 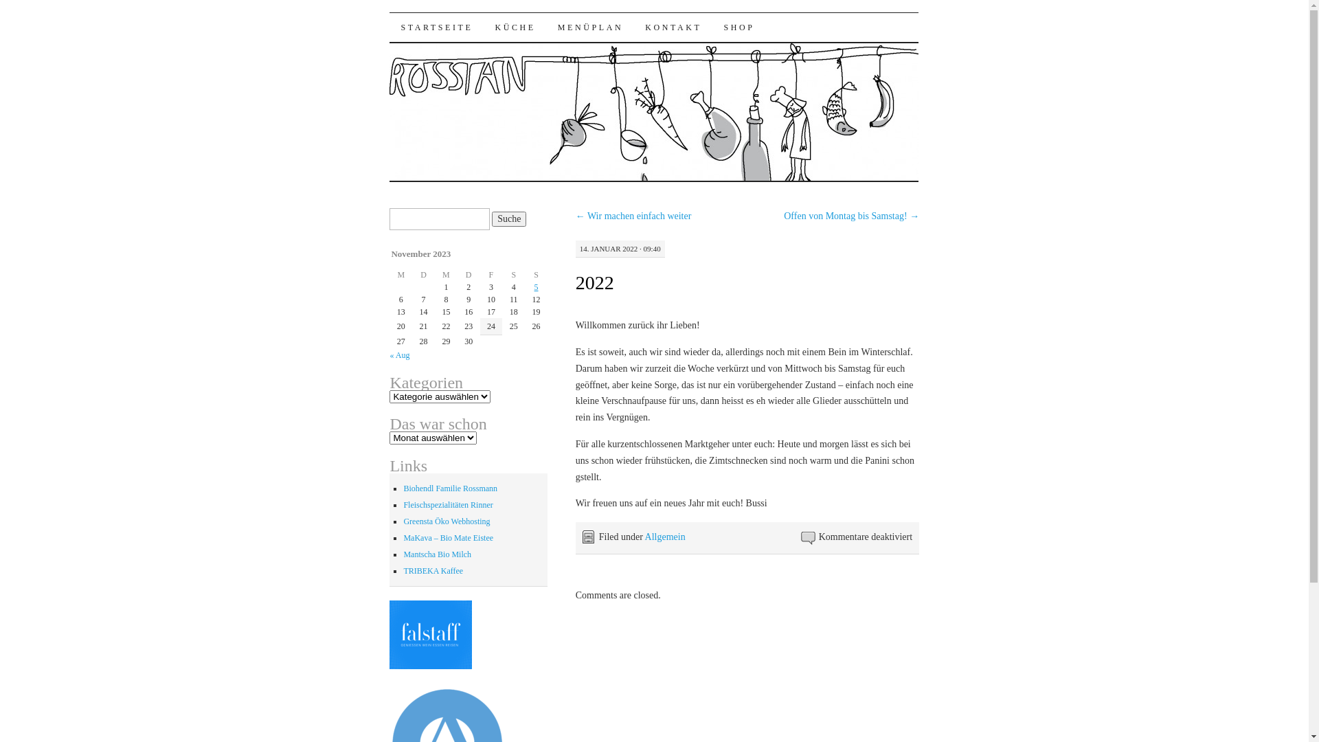 I want to click on 'Suche', so click(x=508, y=218).